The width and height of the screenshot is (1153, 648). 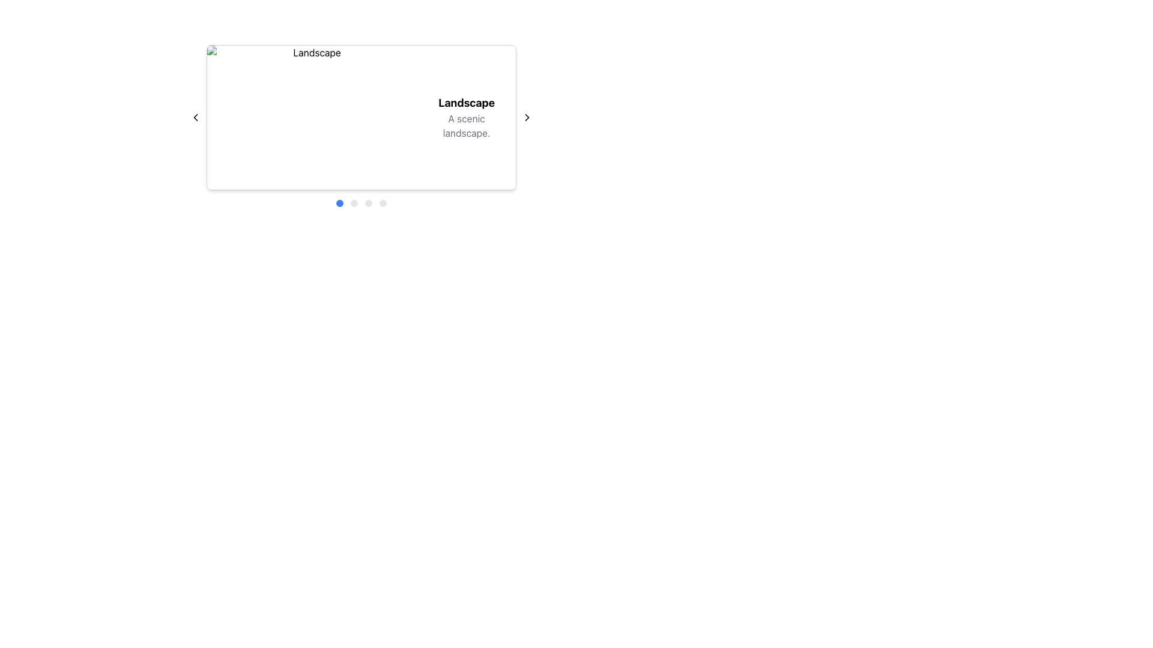 What do you see at coordinates (527, 118) in the screenshot?
I see `the right-facing chevron arrow icon, which is a minimalist design in black outline` at bounding box center [527, 118].